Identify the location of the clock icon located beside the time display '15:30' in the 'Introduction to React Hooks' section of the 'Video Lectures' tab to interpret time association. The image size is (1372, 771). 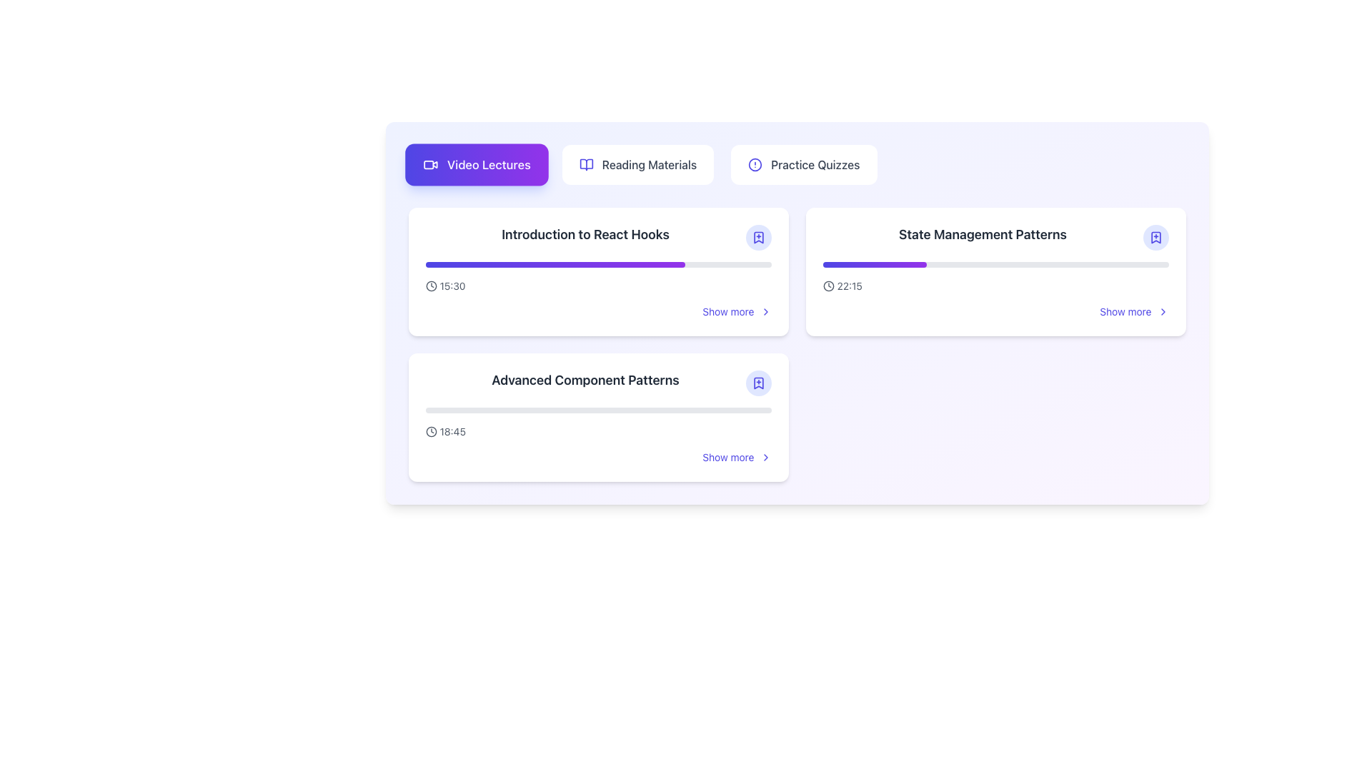
(430, 286).